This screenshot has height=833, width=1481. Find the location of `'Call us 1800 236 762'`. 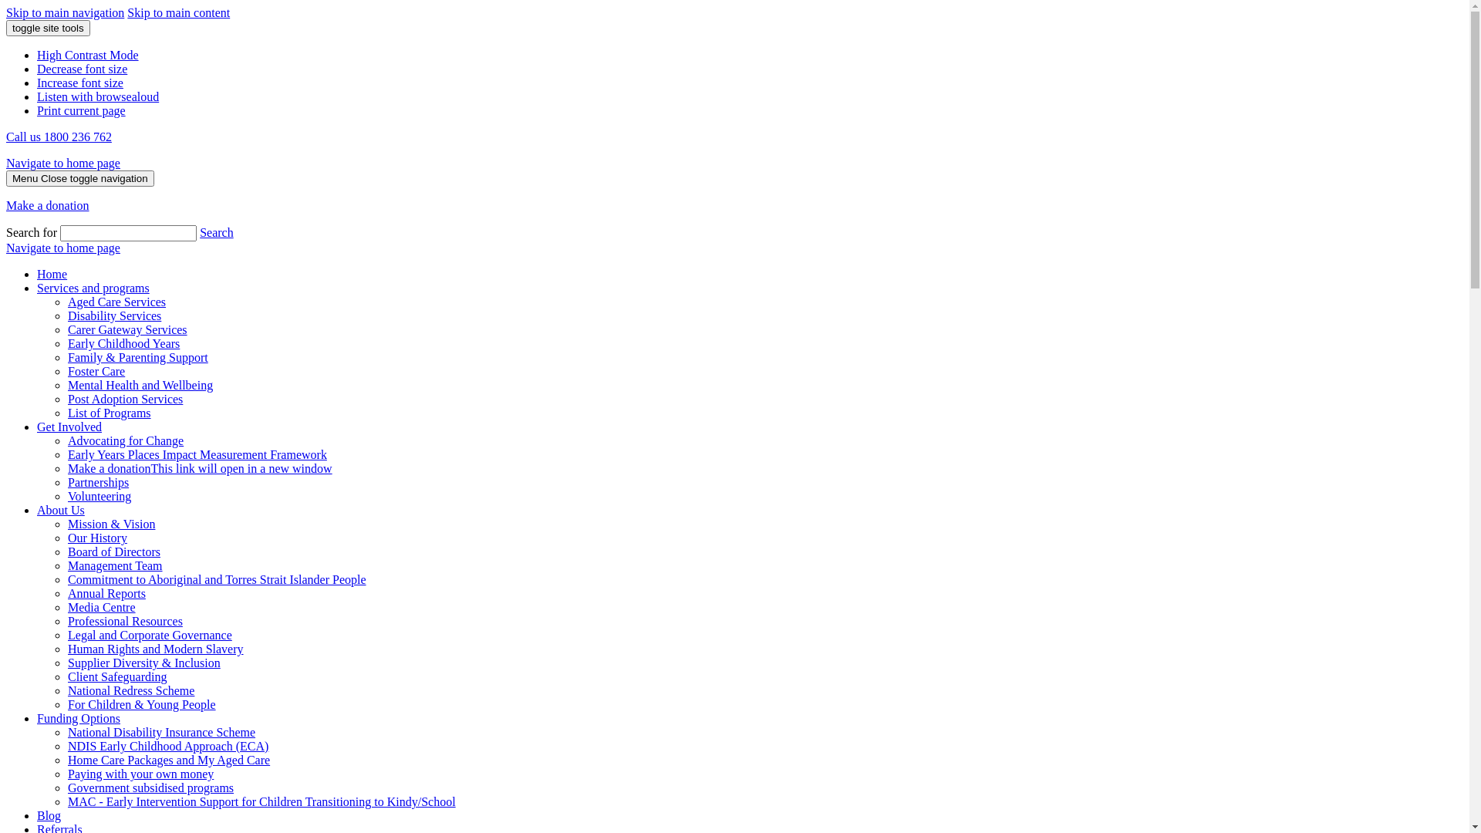

'Call us 1800 236 762' is located at coordinates (59, 136).